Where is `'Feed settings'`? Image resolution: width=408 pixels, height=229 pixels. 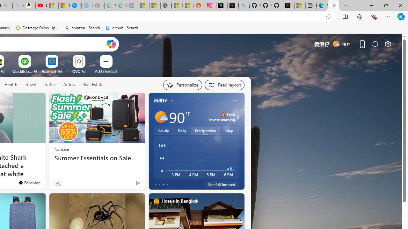 'Feed settings' is located at coordinates (224, 85).